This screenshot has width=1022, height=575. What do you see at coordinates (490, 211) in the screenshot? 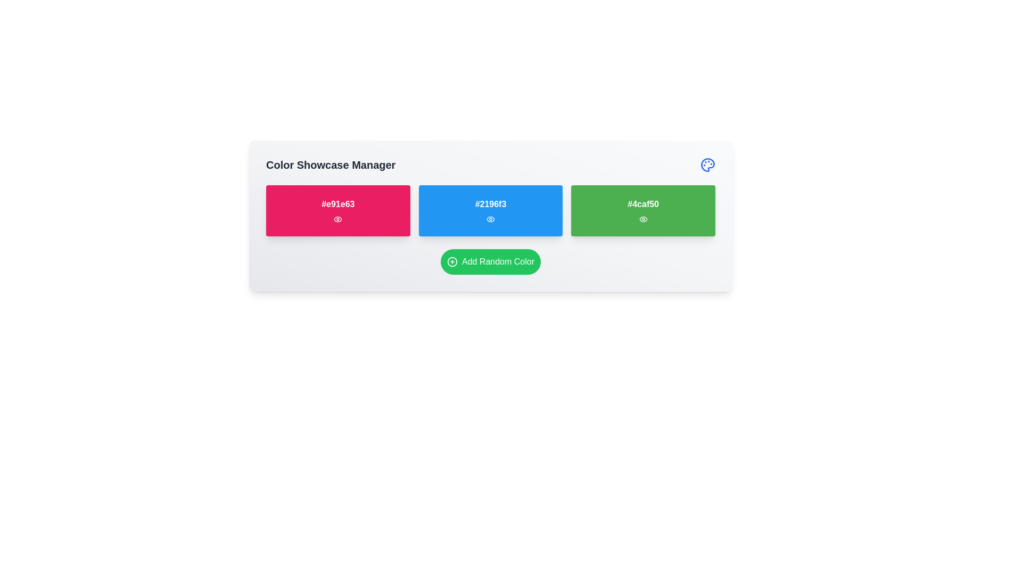
I see `the blue color selector button located in the center of a three-column grid layout, specifically the second of three color blocks` at bounding box center [490, 211].